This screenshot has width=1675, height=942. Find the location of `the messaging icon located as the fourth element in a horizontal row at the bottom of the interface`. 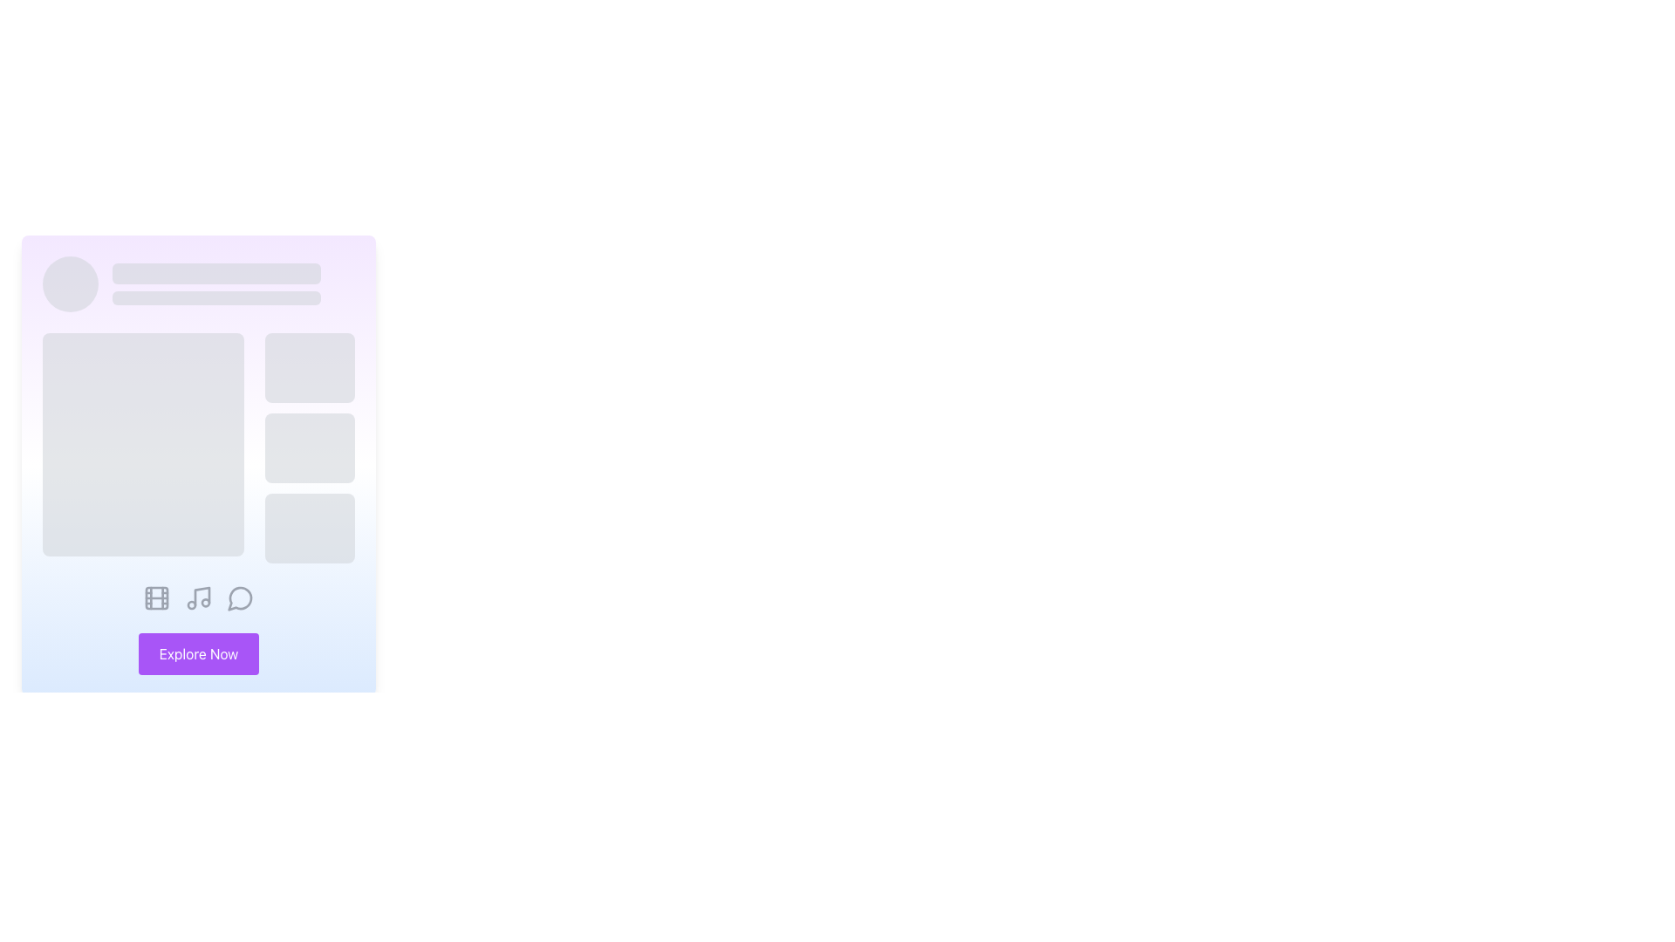

the messaging icon located as the fourth element in a horizontal row at the bottom of the interface is located at coordinates (239, 597).